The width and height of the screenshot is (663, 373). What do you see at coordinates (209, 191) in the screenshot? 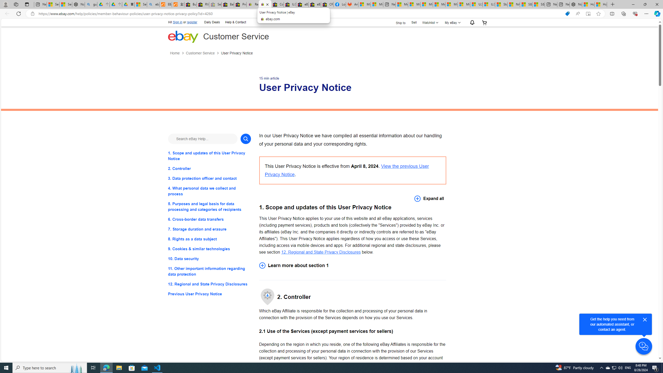
I see `'4. What personal data we collect and process'` at bounding box center [209, 191].